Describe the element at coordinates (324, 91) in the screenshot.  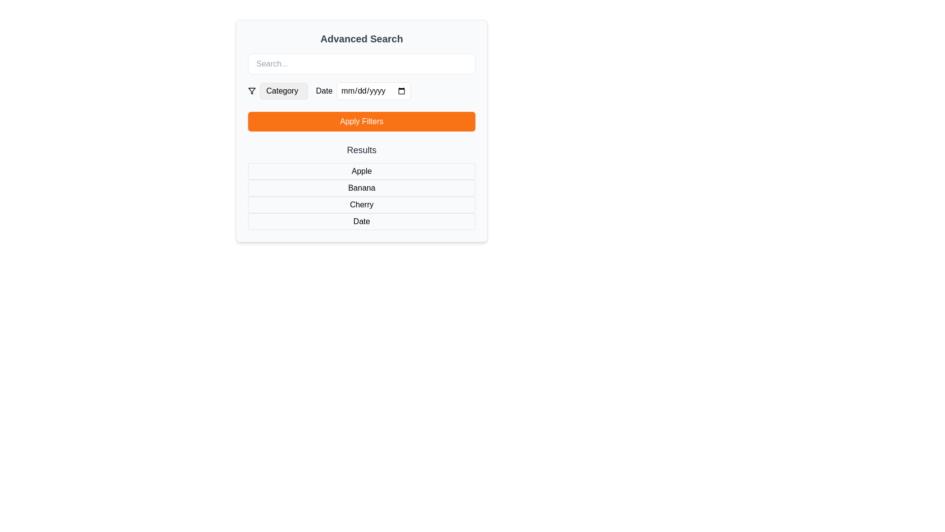
I see `the 'Date' label in the 'Advanced Search' section, which is positioned next to the 'Category' dropdown and to the left of a date input field` at that location.